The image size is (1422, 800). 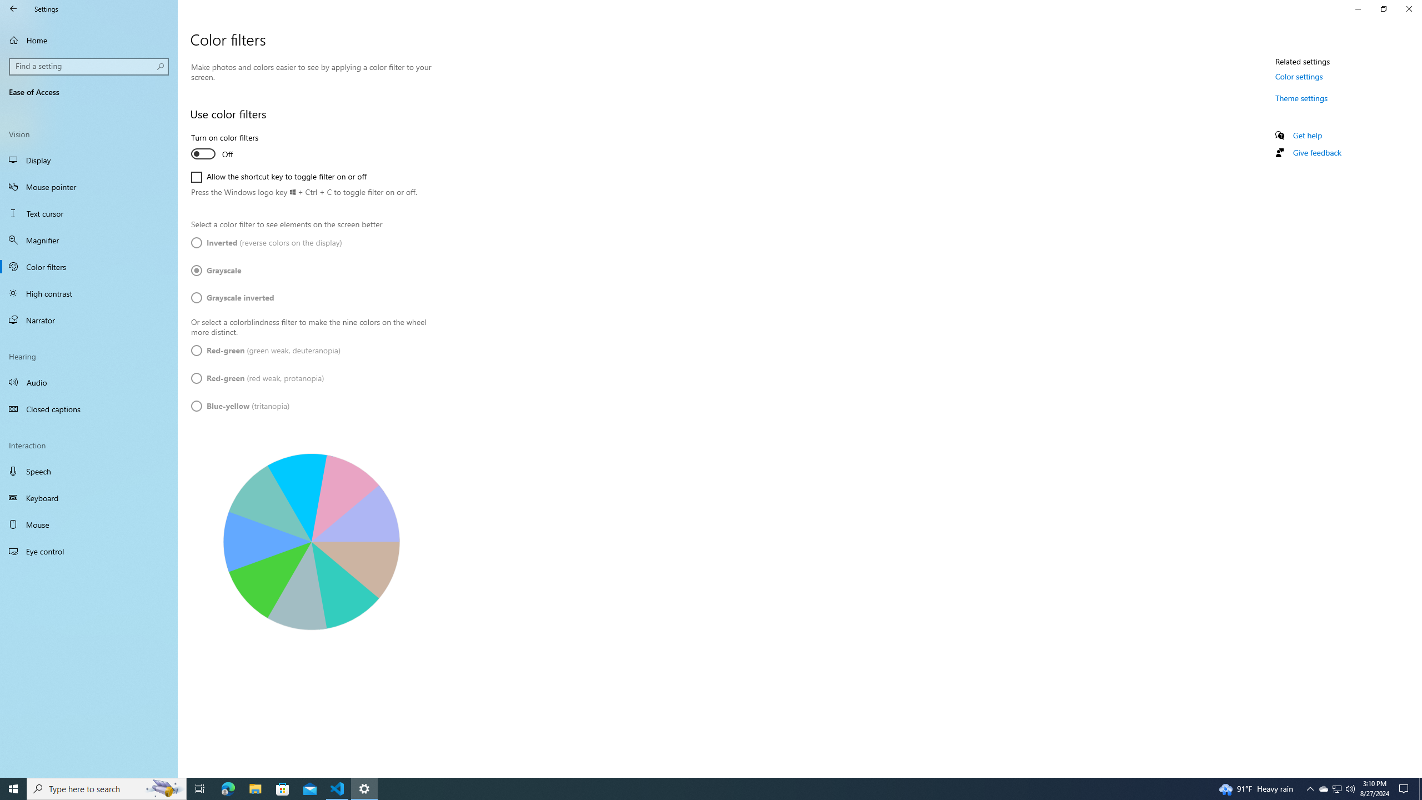 What do you see at coordinates (88, 159) in the screenshot?
I see `'Display'` at bounding box center [88, 159].